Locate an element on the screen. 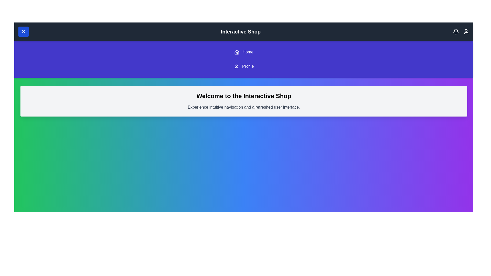  the main header text 'Interactive Shop' is located at coordinates (240, 31).